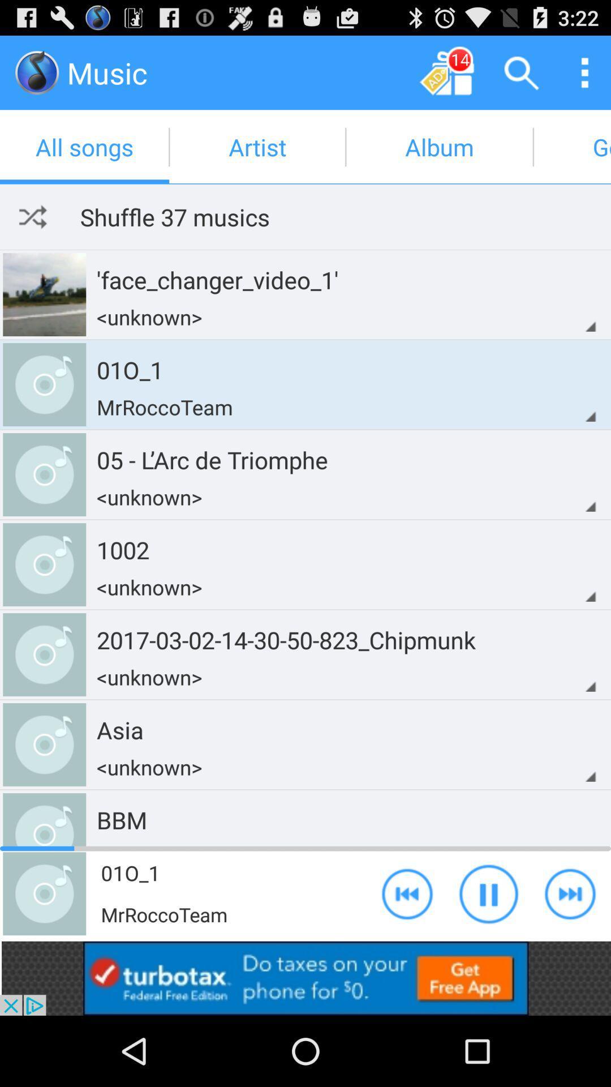 This screenshot has height=1087, width=611. I want to click on press to stop, so click(488, 893).